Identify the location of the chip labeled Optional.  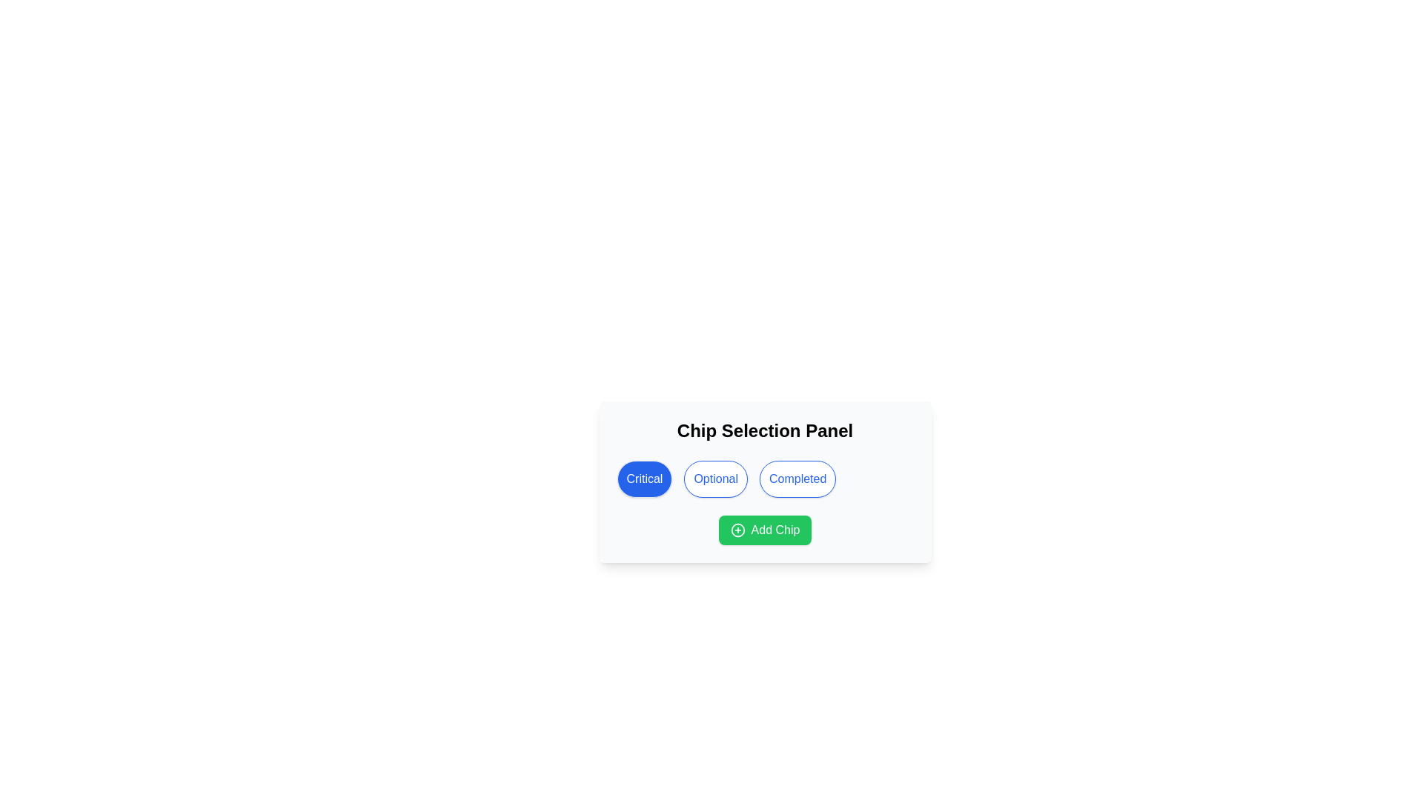
(716, 479).